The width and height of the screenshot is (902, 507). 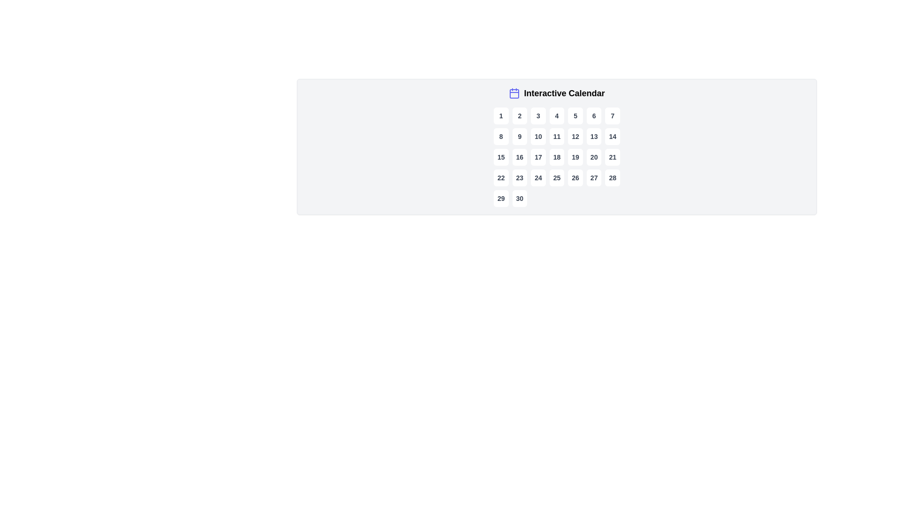 I want to click on the button located in the fourth column of the third row within the calendar grid layout, which is intended for selecting the 16th day of the month, so click(x=519, y=157).